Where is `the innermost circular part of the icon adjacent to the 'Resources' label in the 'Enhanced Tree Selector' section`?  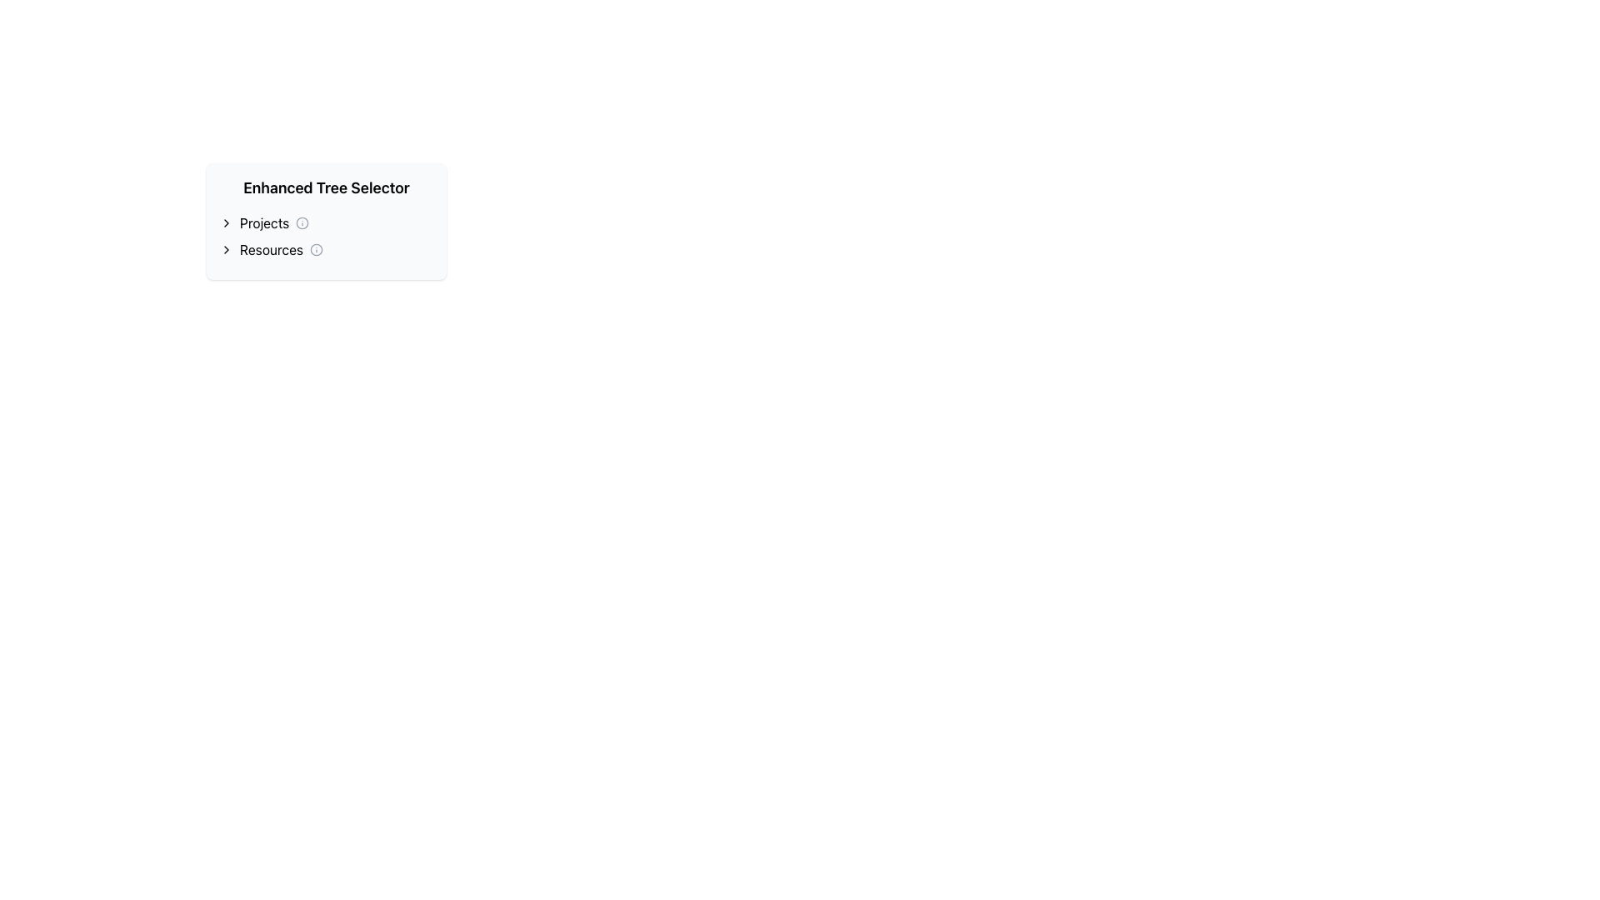 the innermost circular part of the icon adjacent to the 'Resources' label in the 'Enhanced Tree Selector' section is located at coordinates (316, 250).